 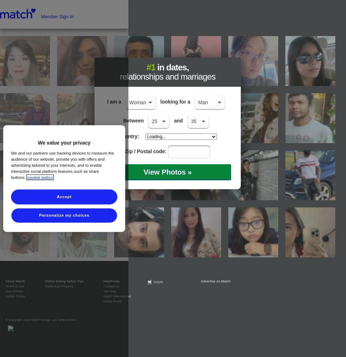 I want to click on 'Online Dating Safety Tips', so click(x=64, y=281).